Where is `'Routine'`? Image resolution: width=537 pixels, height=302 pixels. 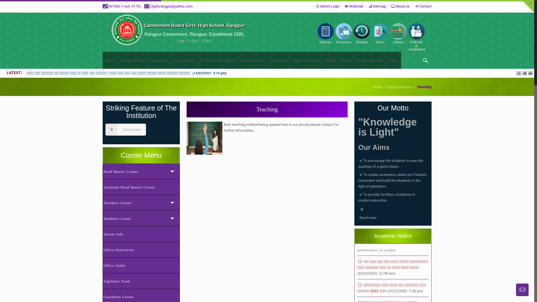 'Routine' is located at coordinates (362, 33).